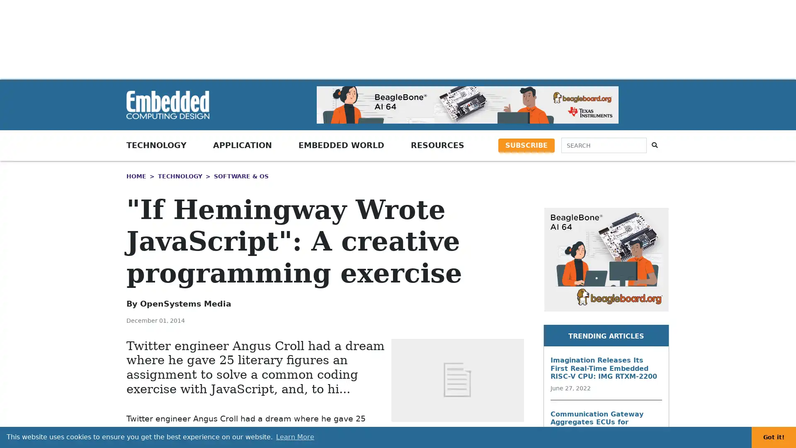 This screenshot has width=796, height=448. I want to click on Share to Twitter Twitter, so click(194, 309).